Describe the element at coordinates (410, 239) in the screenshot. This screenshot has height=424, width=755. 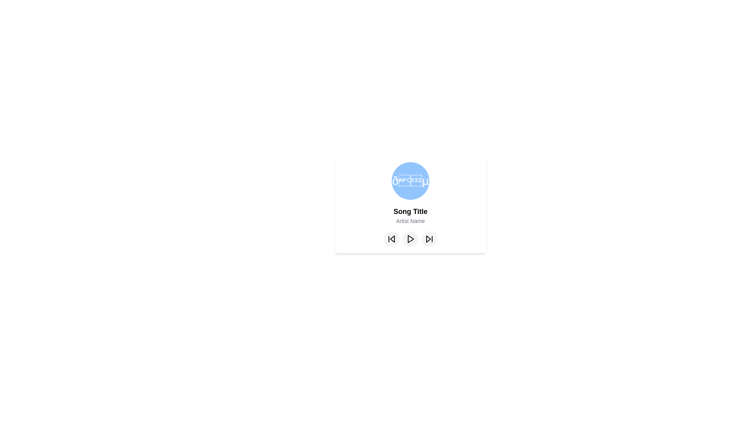
I see `the circular button with a light gray background and a black triangular play icon, positioned between the 'previous' and 'next' buttons at the bottom center of the UI for more details` at that location.